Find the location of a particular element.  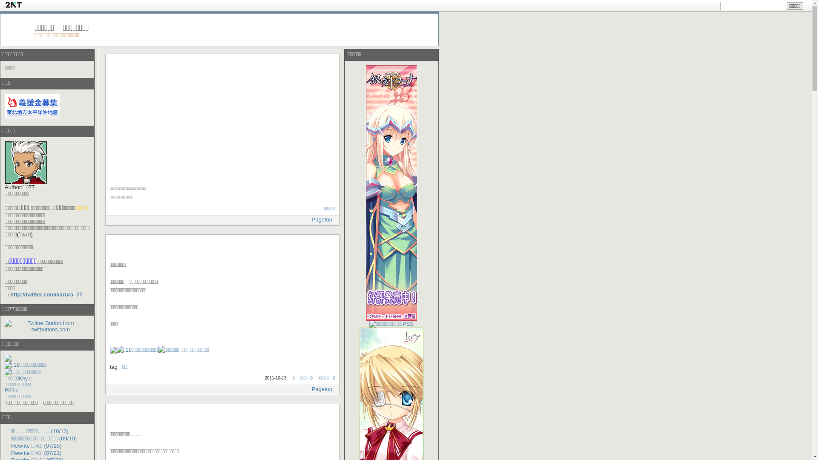

'http://twitter.com/karura_77' is located at coordinates (46, 294).